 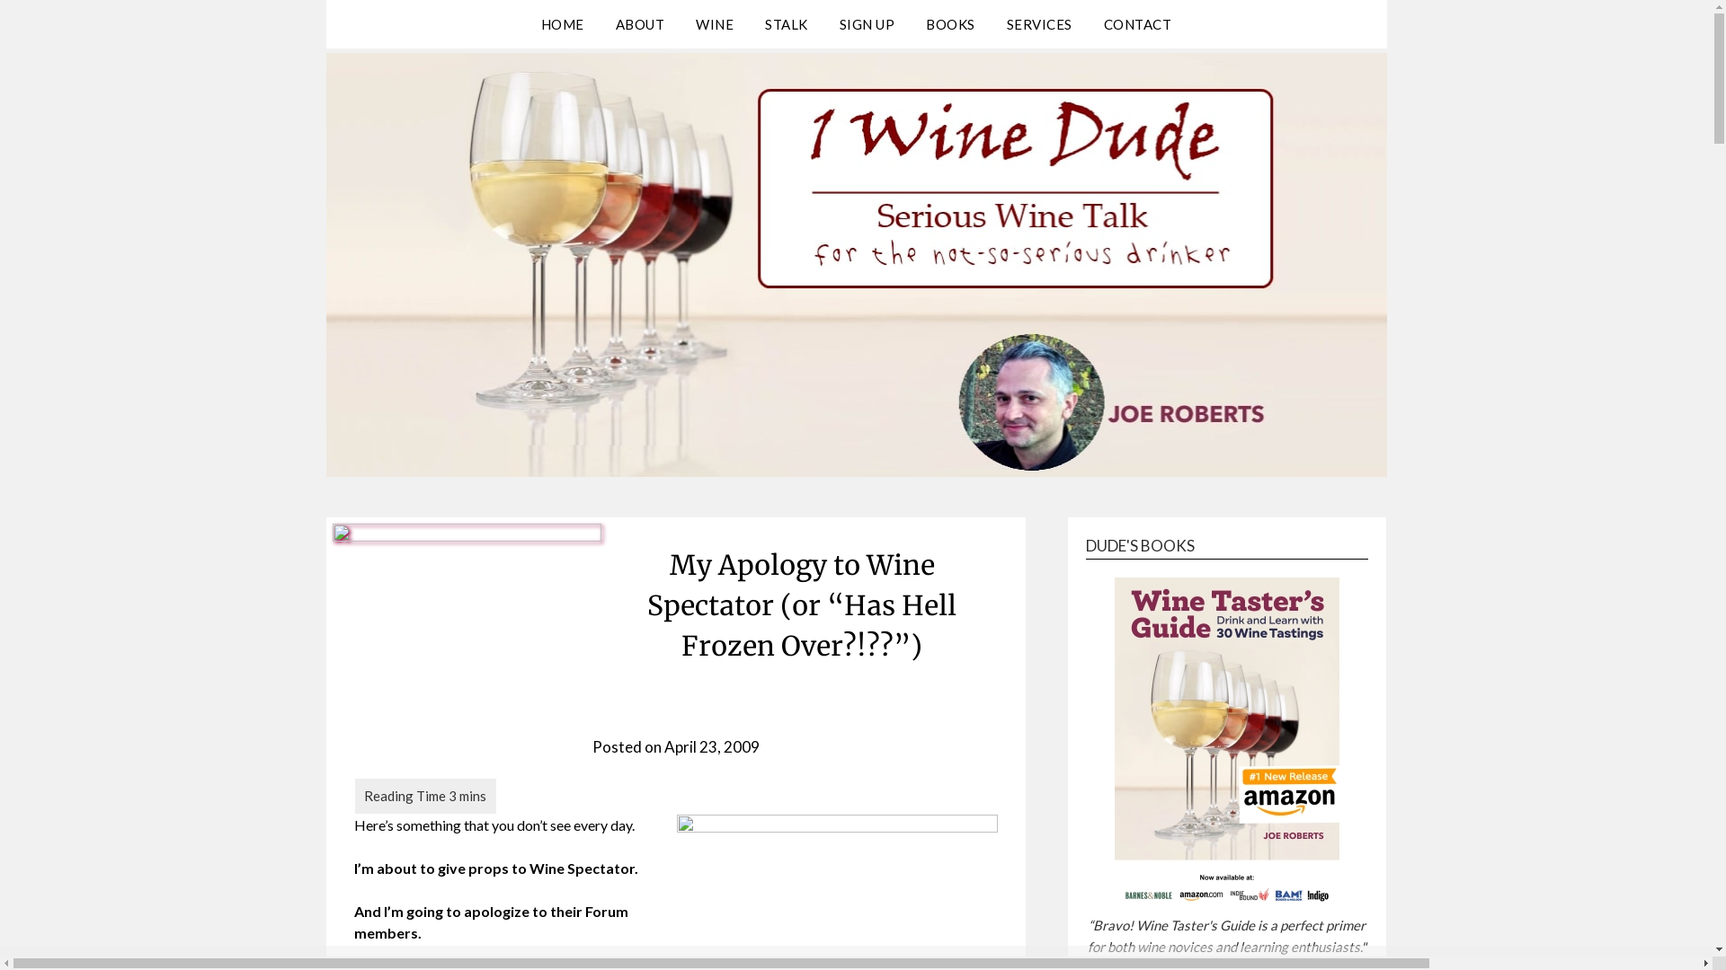 I want to click on 'April 23, 2009', so click(x=711, y=746).